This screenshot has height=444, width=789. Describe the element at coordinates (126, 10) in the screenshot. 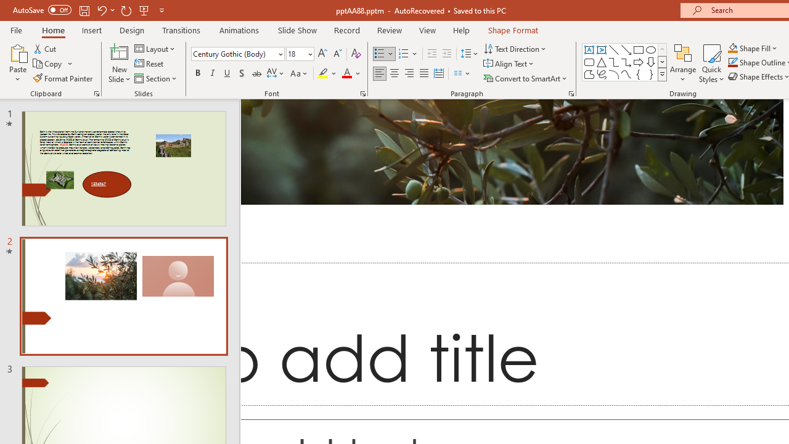

I see `'Redo'` at that location.